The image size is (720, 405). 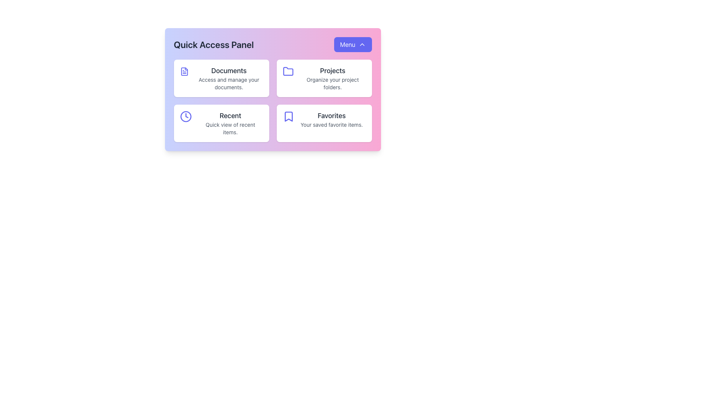 I want to click on the outer circular part of the clock icon located in the bottom-left card of the Quick Access Panel, which is directly above the text labeled 'Recent', so click(x=186, y=117).